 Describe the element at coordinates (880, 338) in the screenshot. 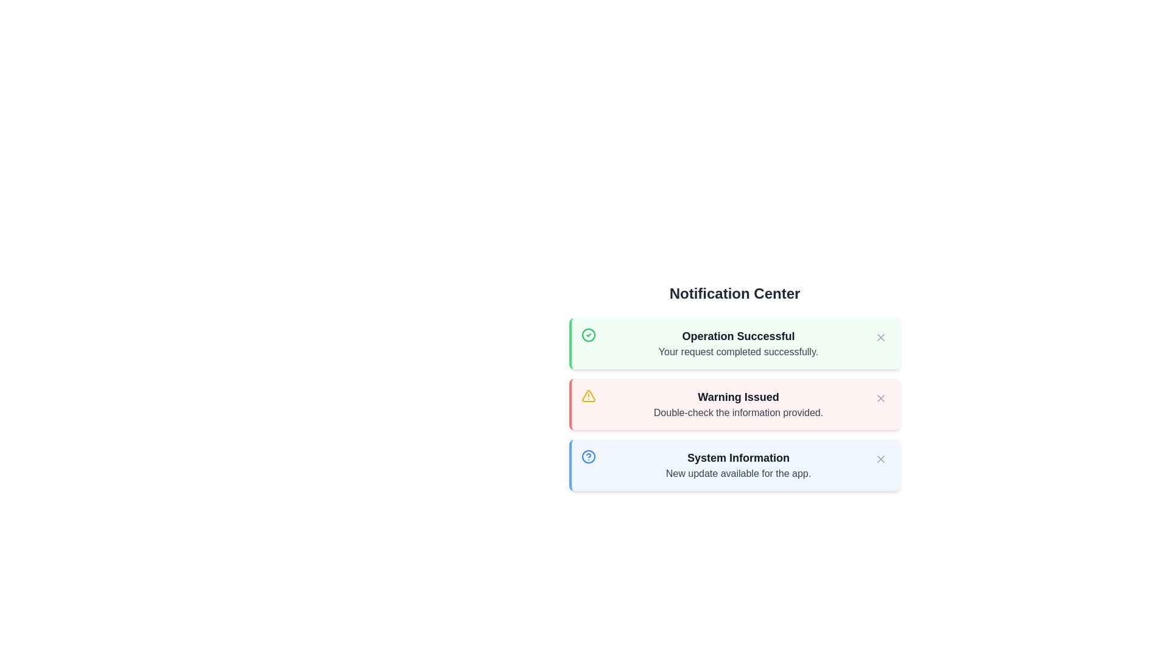

I see `the circular button with an 'X' icon that is positioned at the top-right corner of the green notification box labeled 'Operation Successful' to observe a color change` at that location.